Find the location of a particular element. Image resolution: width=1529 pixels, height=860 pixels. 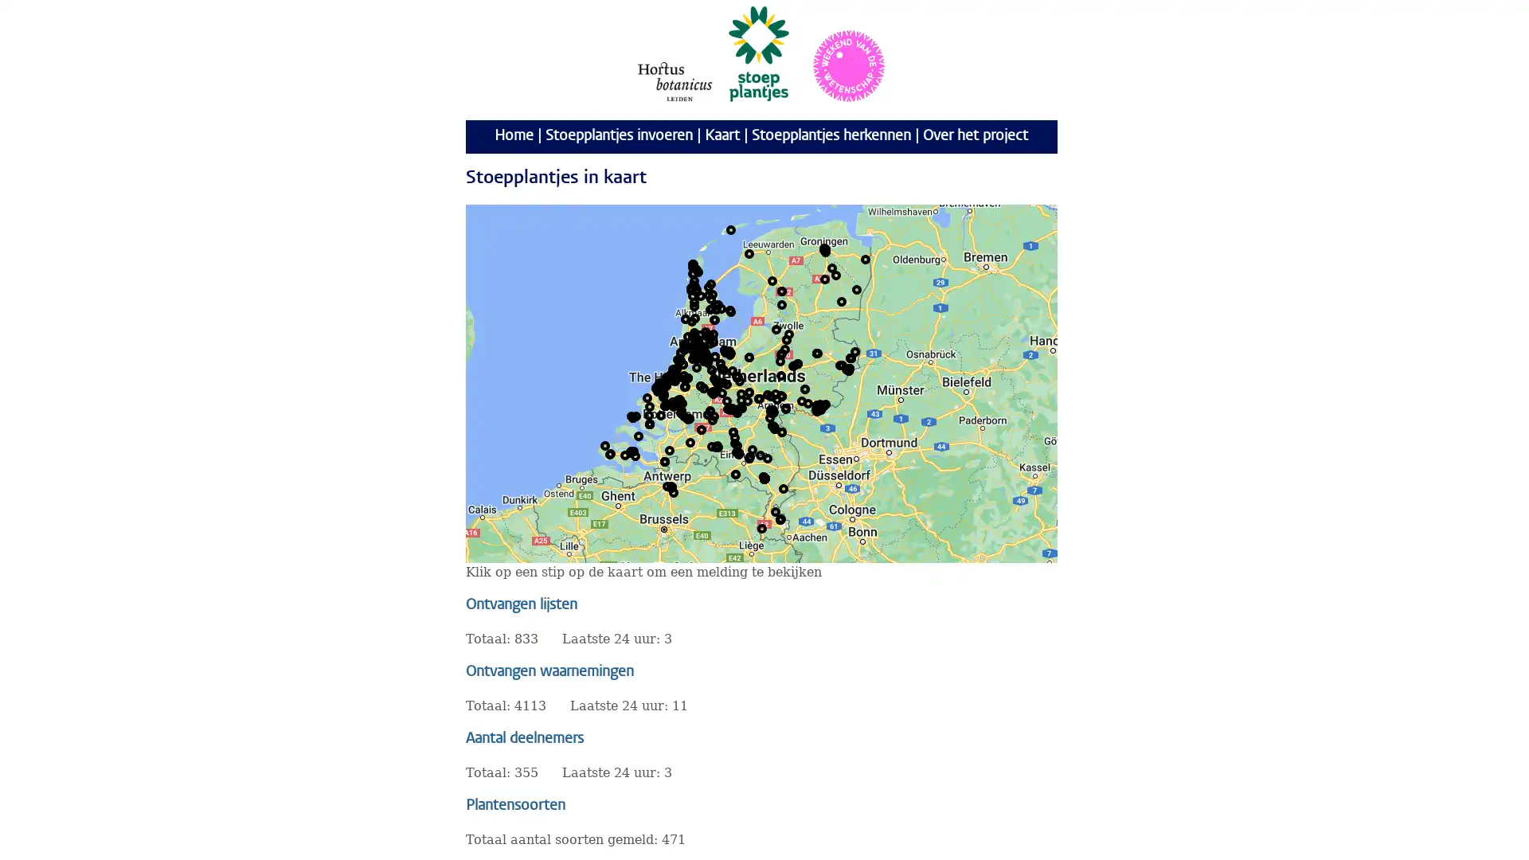

Telling van op 02 mei 2022 is located at coordinates (802, 399).